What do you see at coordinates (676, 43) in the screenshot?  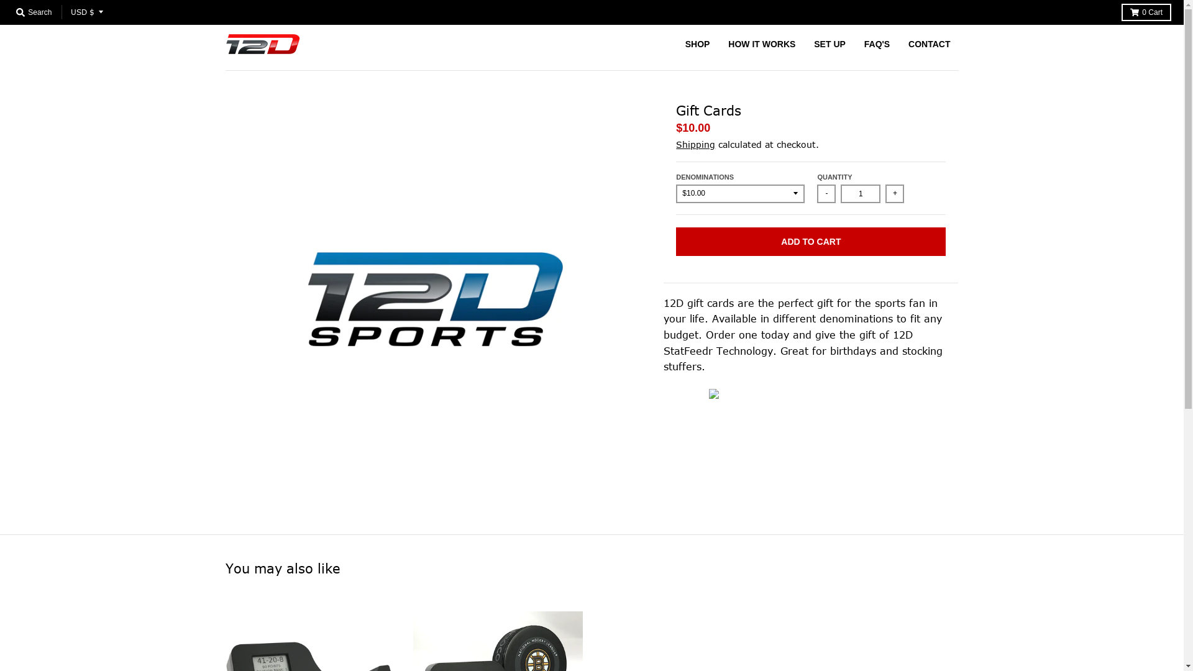 I see `'SHOP'` at bounding box center [676, 43].